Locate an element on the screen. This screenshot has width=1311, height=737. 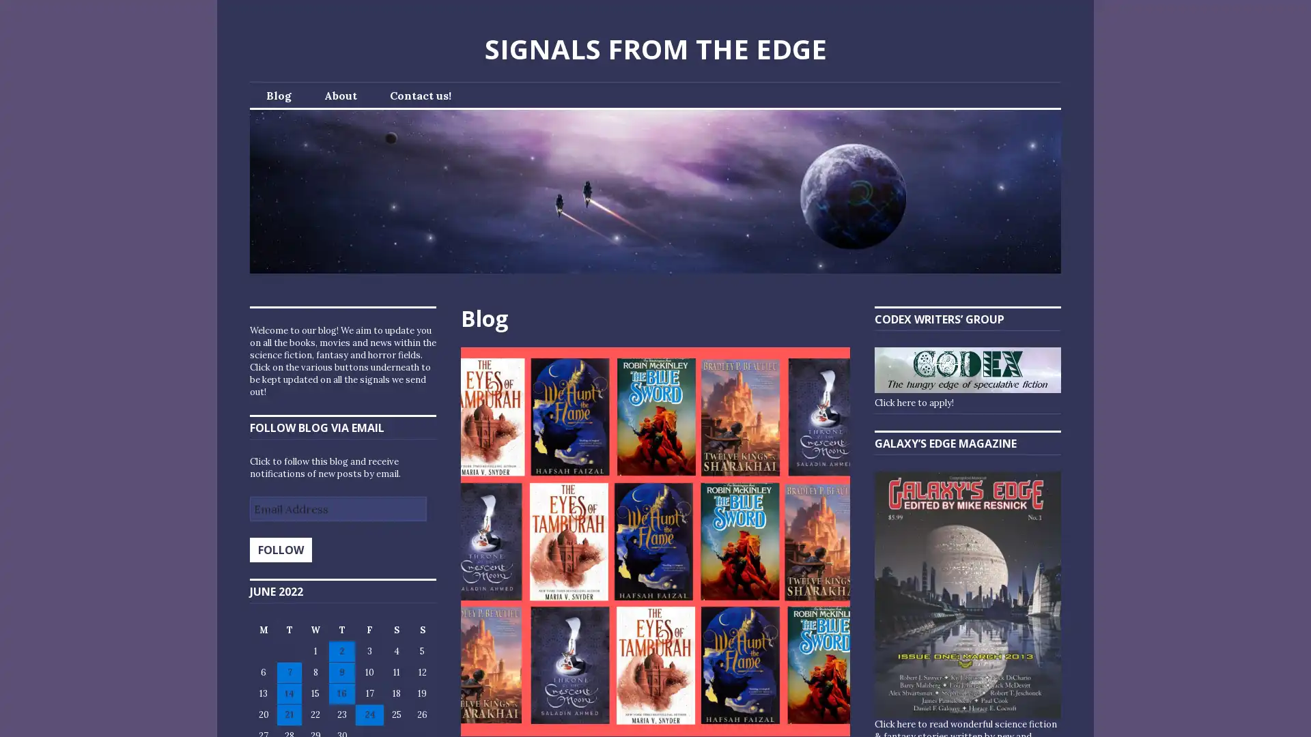
FOLLOW is located at coordinates (280, 549).